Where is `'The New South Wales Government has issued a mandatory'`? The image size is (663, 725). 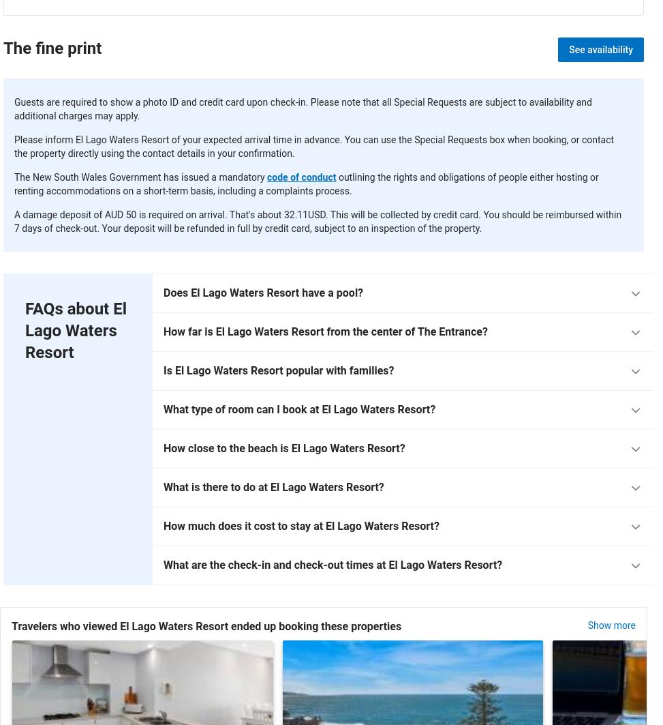
'The New South Wales Government has issued a mandatory' is located at coordinates (140, 177).